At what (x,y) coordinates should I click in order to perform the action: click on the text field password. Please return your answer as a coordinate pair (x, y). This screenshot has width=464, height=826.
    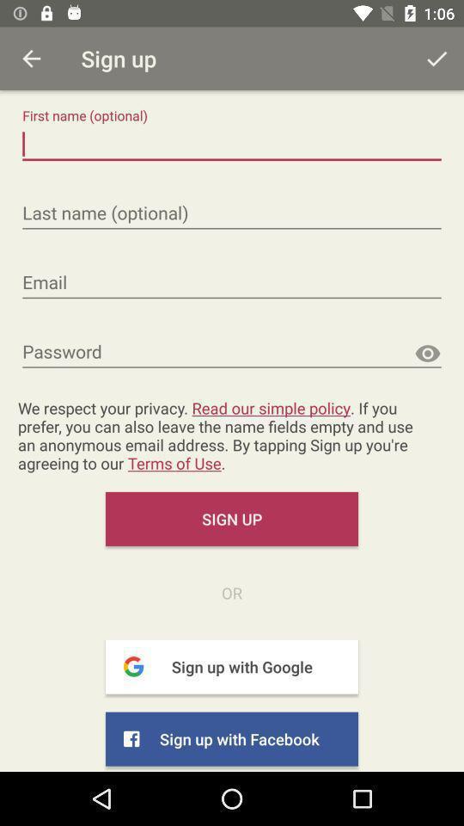
    Looking at the image, I should click on (232, 352).